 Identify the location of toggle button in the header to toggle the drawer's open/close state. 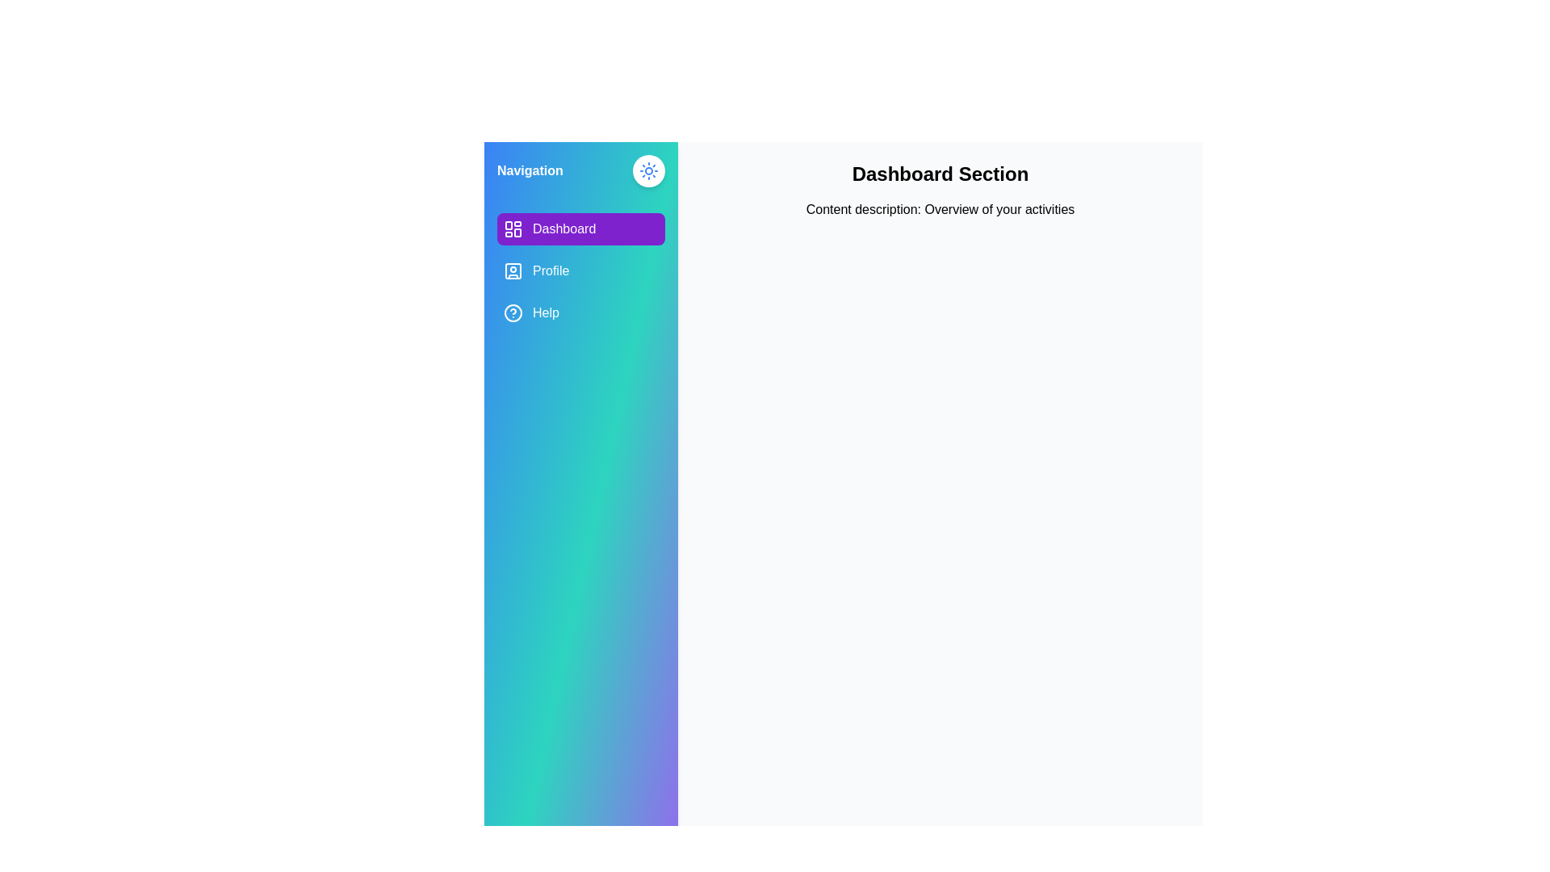
(649, 171).